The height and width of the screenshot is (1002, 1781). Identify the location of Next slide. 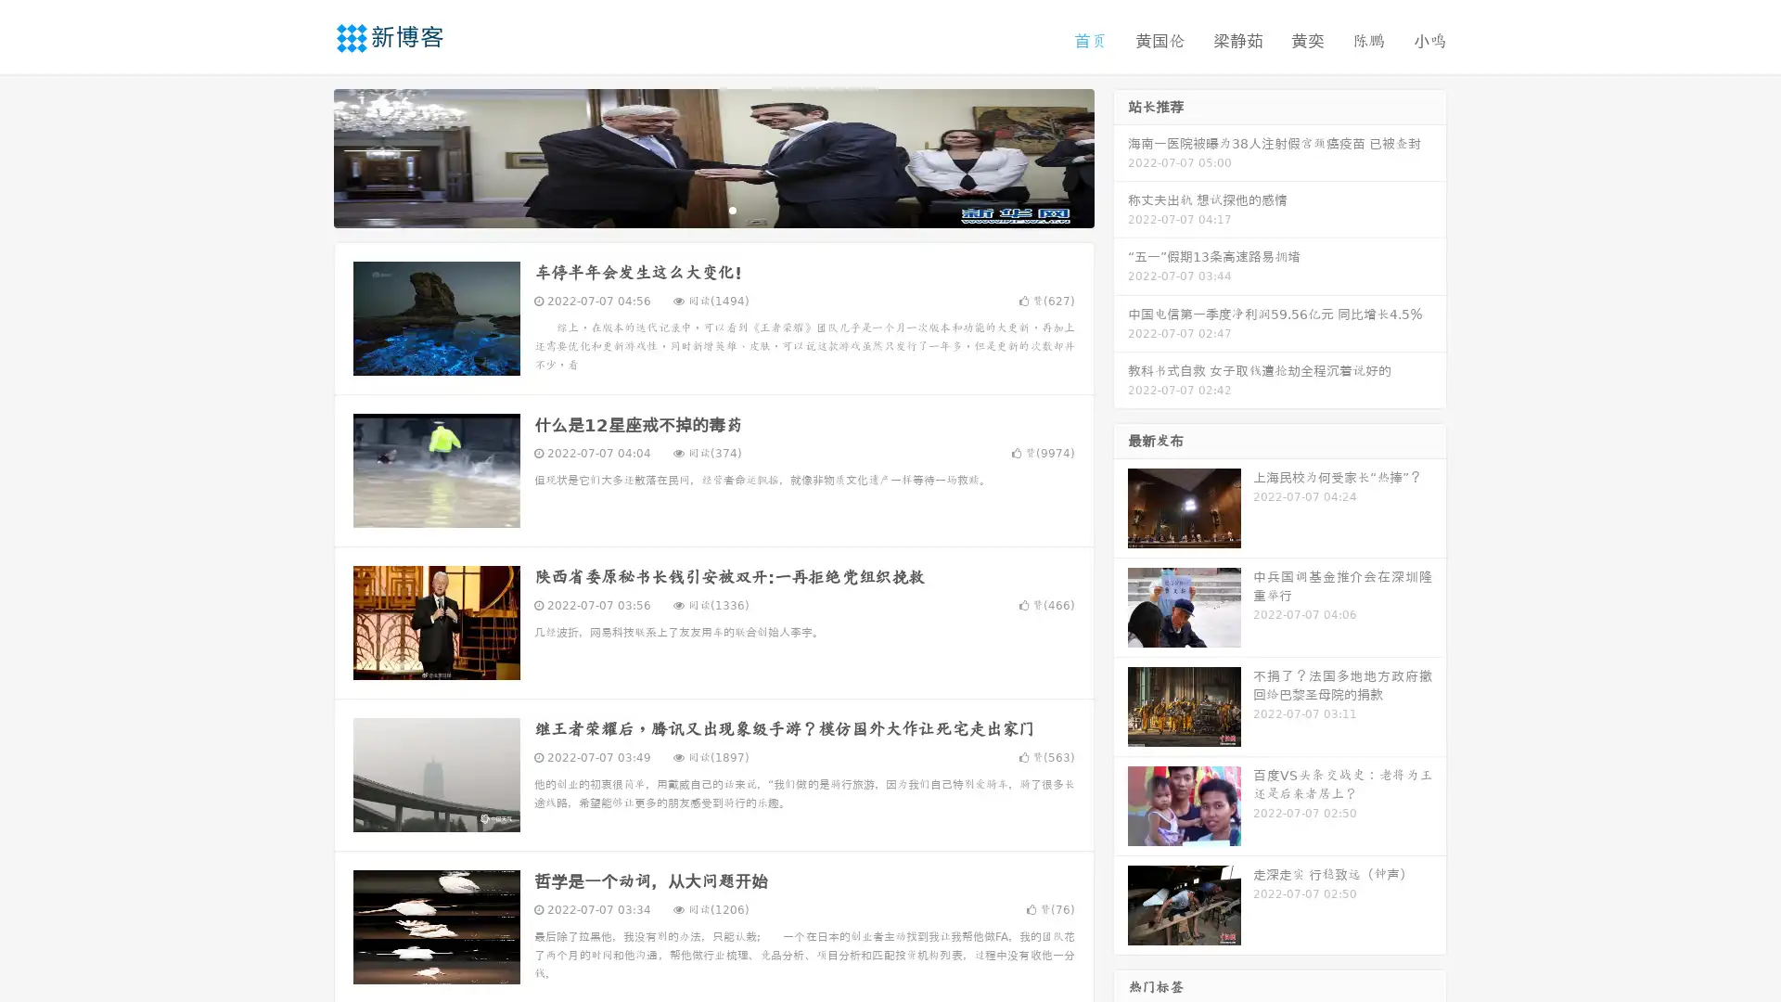
(1121, 156).